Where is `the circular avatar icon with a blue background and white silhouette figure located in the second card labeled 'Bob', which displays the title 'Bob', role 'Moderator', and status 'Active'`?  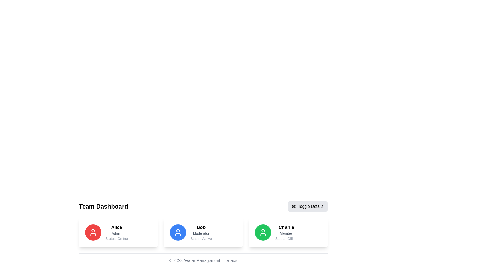 the circular avatar icon with a blue background and white silhouette figure located in the second card labeled 'Bob', which displays the title 'Bob', role 'Moderator', and status 'Active' is located at coordinates (178, 232).